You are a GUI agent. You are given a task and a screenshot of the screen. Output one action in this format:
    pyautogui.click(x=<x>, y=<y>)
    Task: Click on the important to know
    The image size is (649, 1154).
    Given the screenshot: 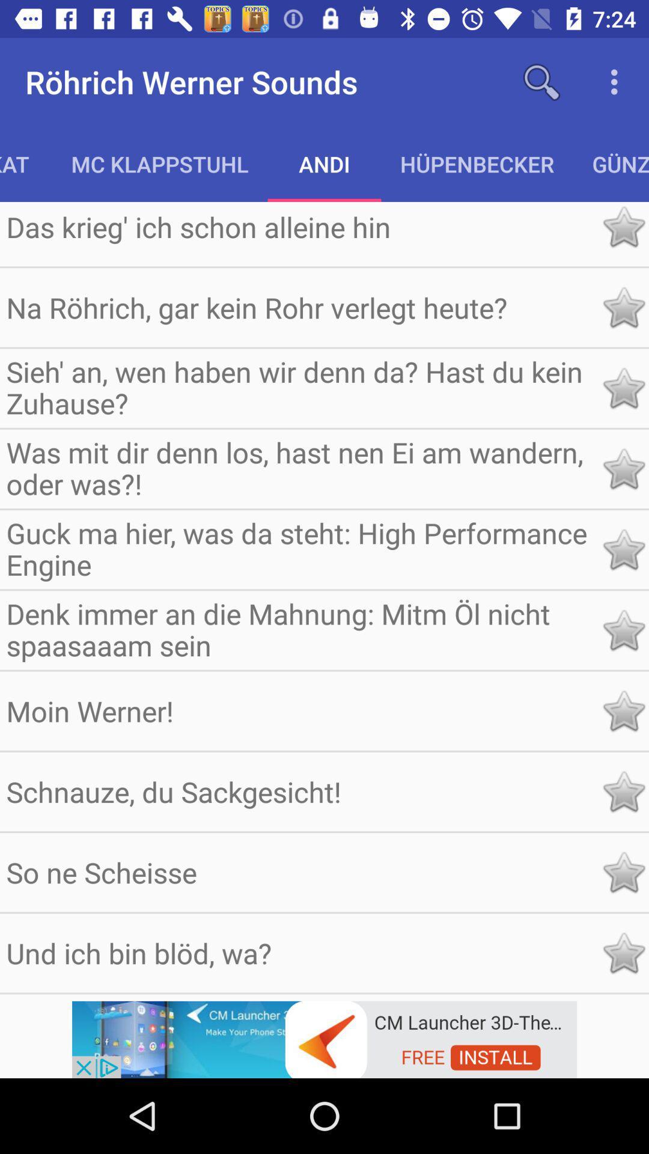 What is the action you would take?
    pyautogui.click(x=623, y=629)
    